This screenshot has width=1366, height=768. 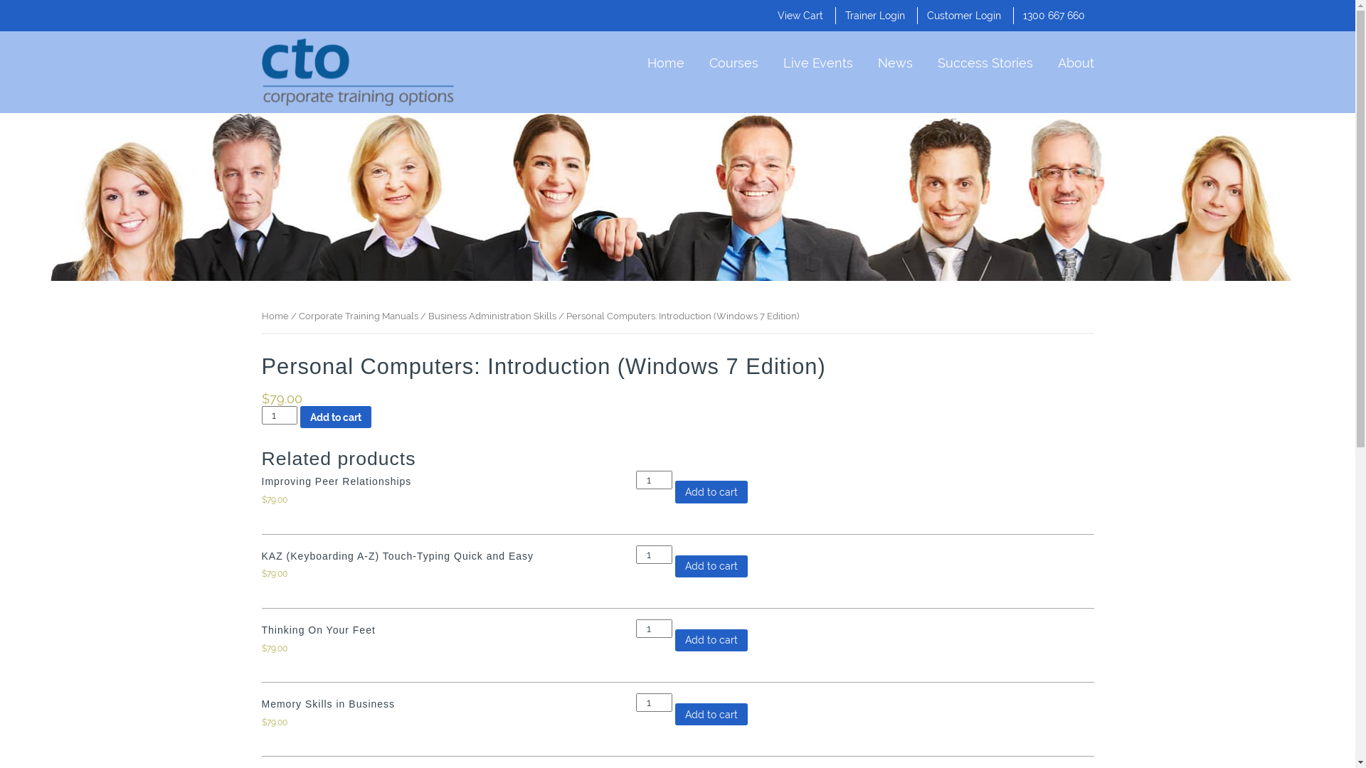 What do you see at coordinates (963, 16) in the screenshot?
I see `'Customer Login'` at bounding box center [963, 16].